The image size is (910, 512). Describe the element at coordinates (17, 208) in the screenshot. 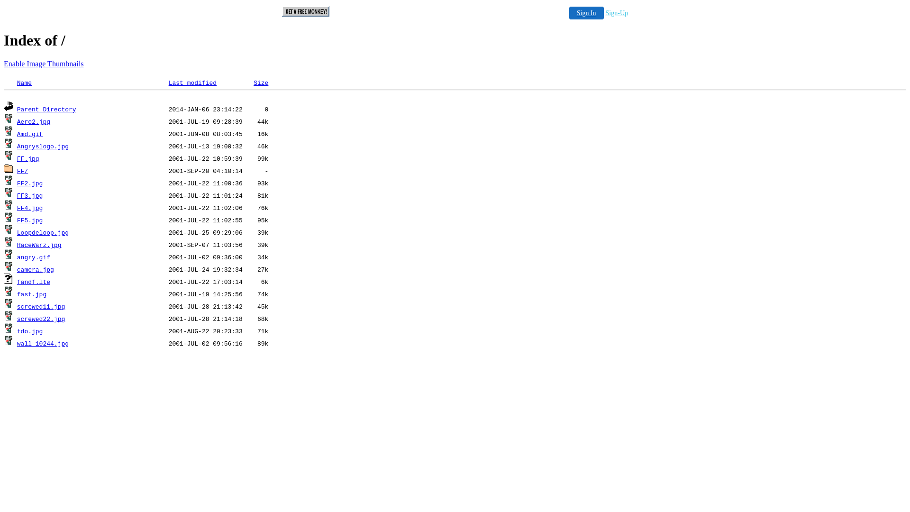

I see `'FF4.jpg'` at that location.